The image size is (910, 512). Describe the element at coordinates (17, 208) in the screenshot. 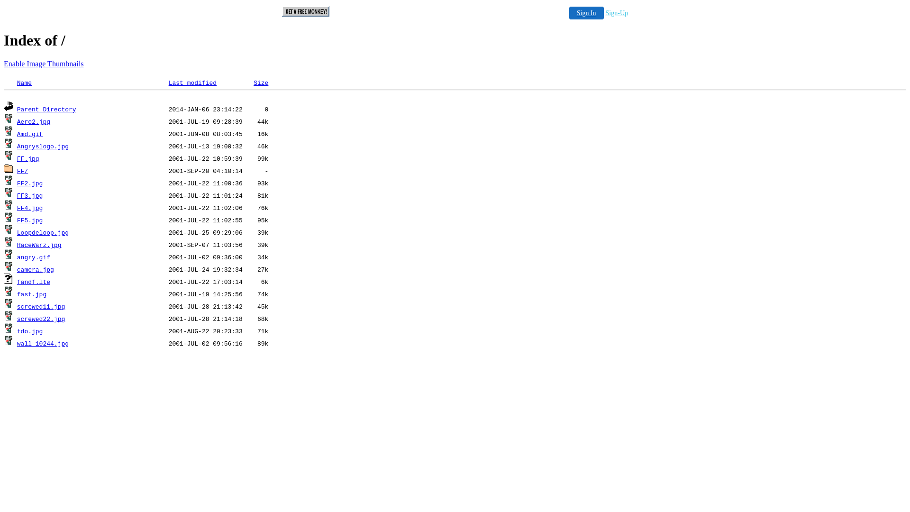

I see `'FF4.jpg'` at that location.